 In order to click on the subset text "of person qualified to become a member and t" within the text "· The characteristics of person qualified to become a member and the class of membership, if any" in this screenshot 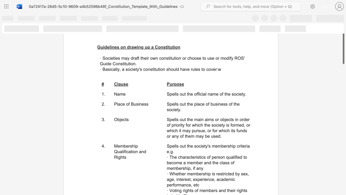, I will do `click(207, 157)`.